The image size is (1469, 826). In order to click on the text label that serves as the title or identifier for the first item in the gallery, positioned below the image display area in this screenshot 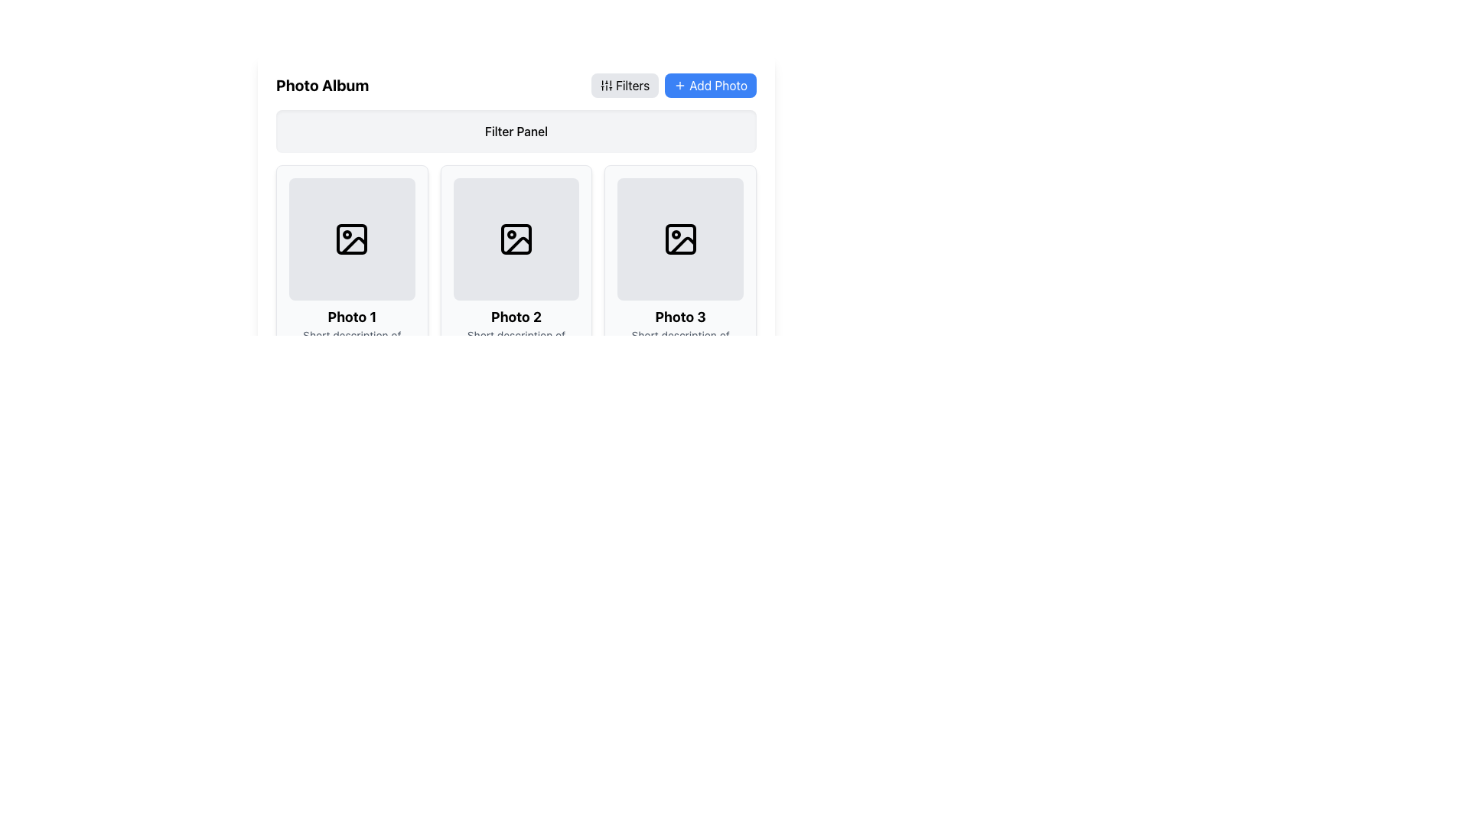, I will do `click(351, 317)`.